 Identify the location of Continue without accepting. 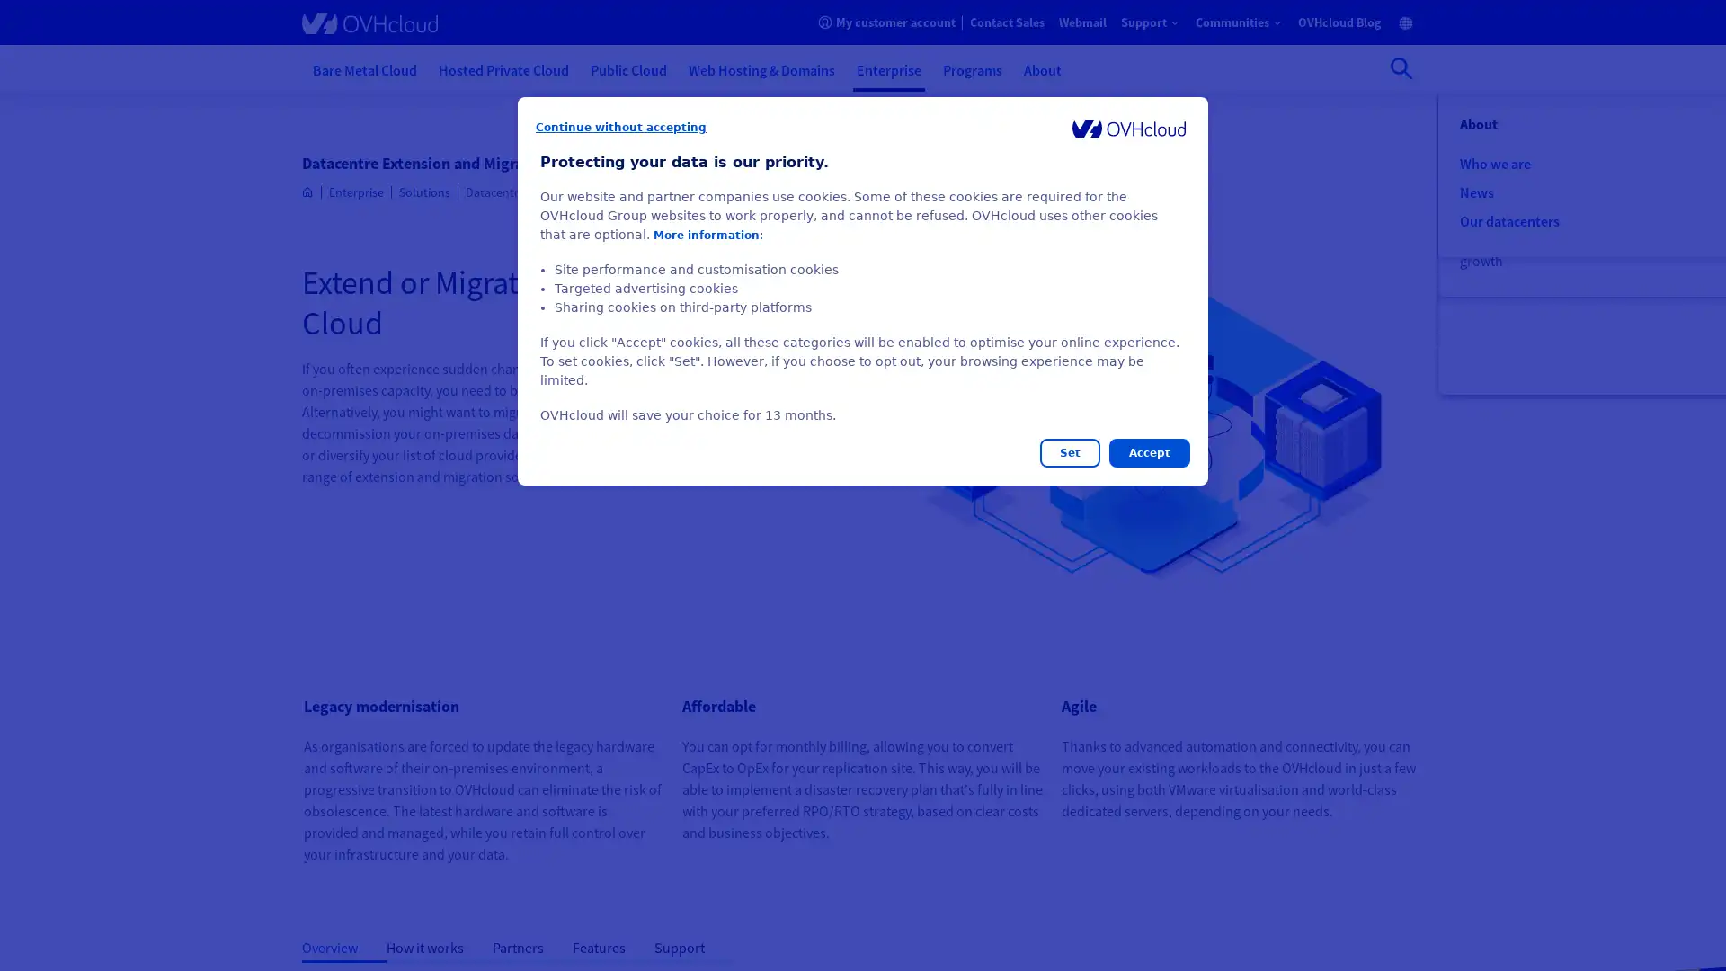
(621, 127).